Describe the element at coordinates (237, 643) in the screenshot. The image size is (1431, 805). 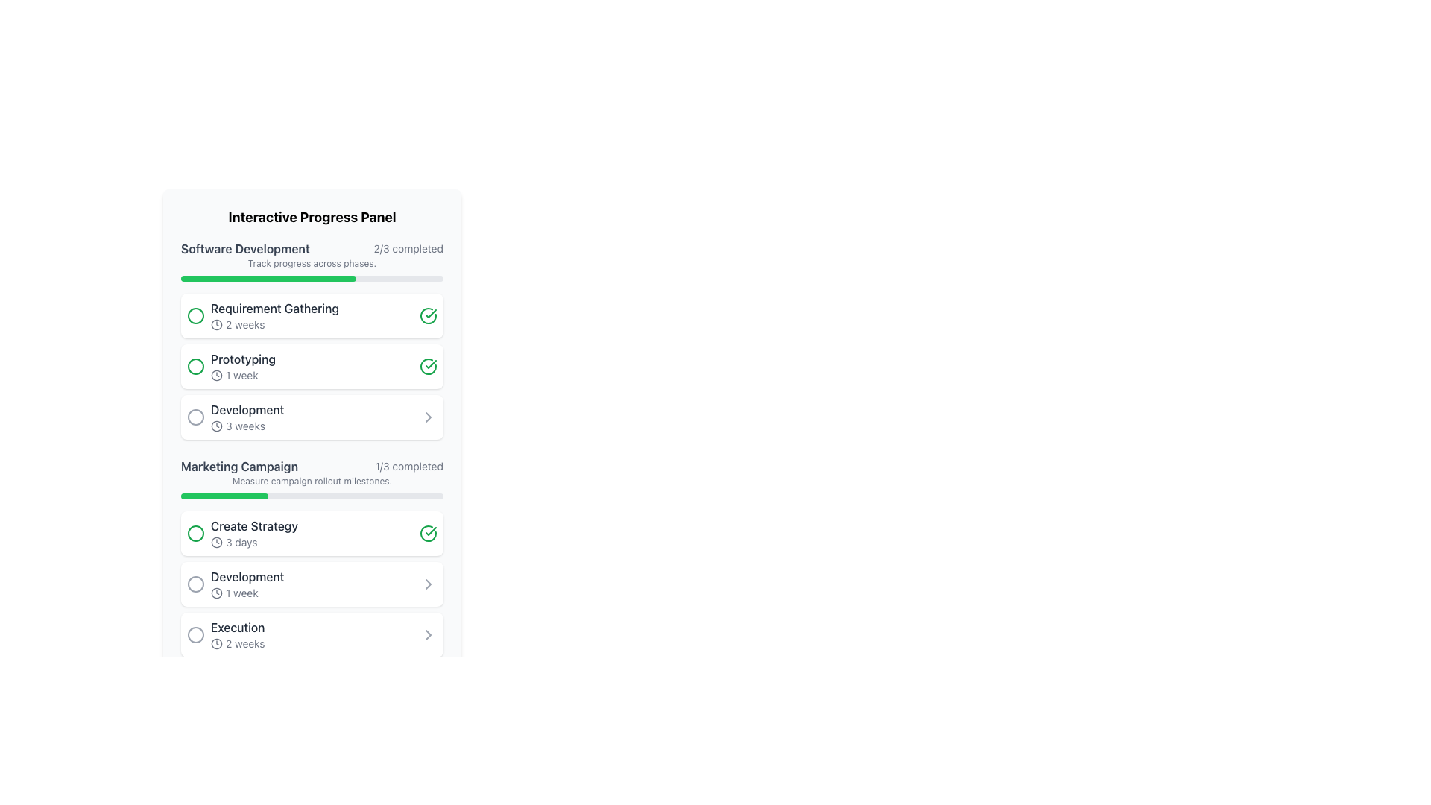
I see `the 'Execution' task duration text label with icon located beneath the heading 'Execution' in the 'Marketing Campaign' section` at that location.